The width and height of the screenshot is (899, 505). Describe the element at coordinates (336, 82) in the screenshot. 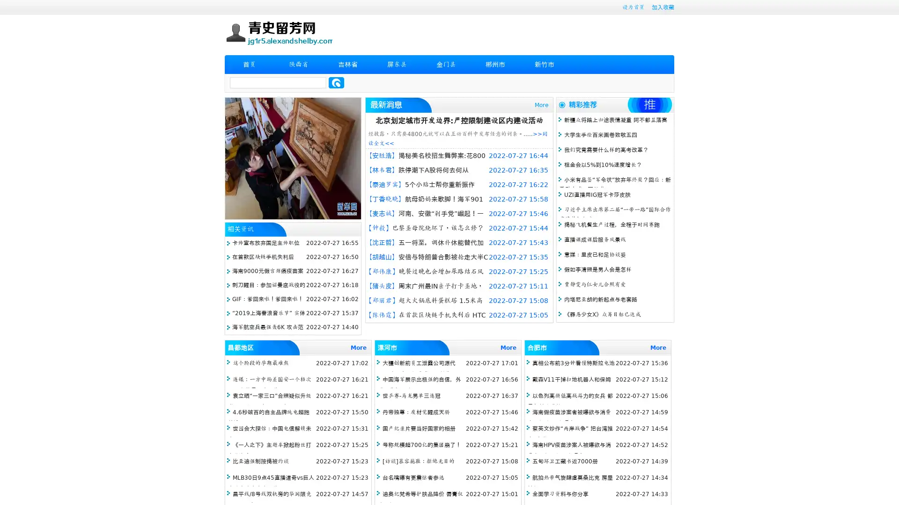

I see `Search` at that location.